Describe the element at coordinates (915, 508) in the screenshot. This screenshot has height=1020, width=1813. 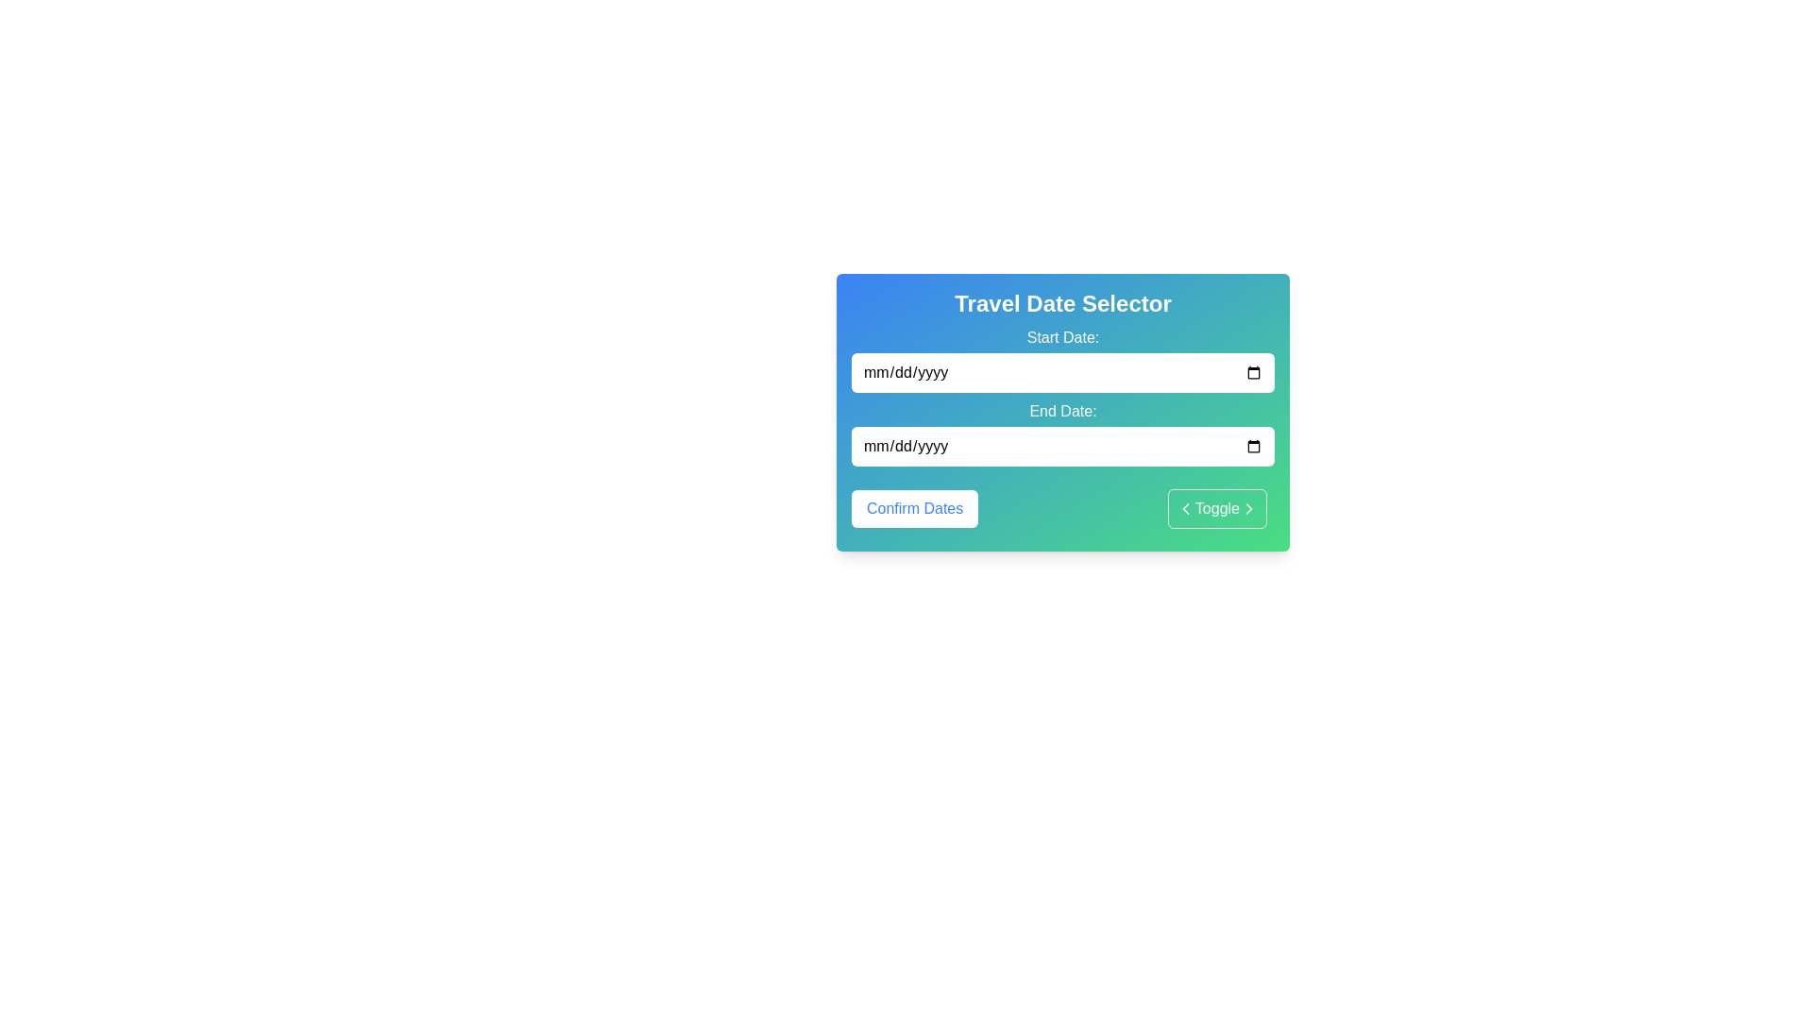
I see `the 'Confirm Dates' button, which has a white background, rounded borders, and blue text` at that location.